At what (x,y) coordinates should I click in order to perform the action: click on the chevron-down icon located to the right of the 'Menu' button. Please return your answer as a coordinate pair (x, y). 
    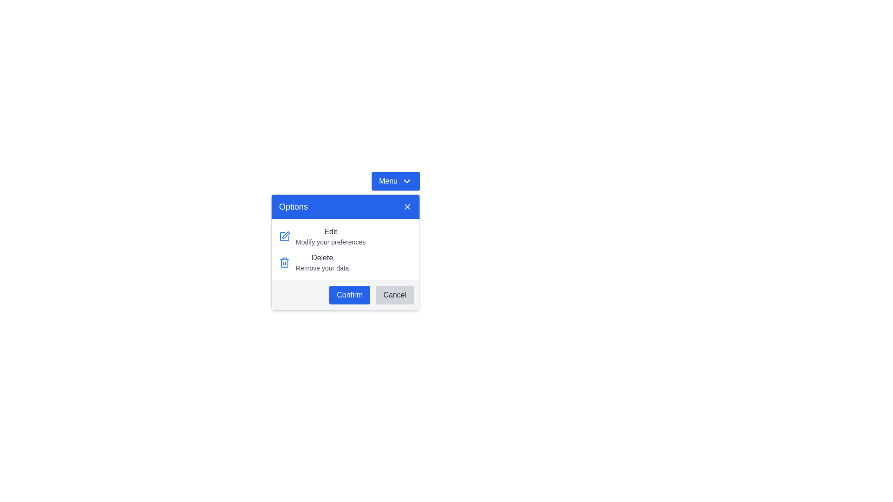
    Looking at the image, I should click on (407, 181).